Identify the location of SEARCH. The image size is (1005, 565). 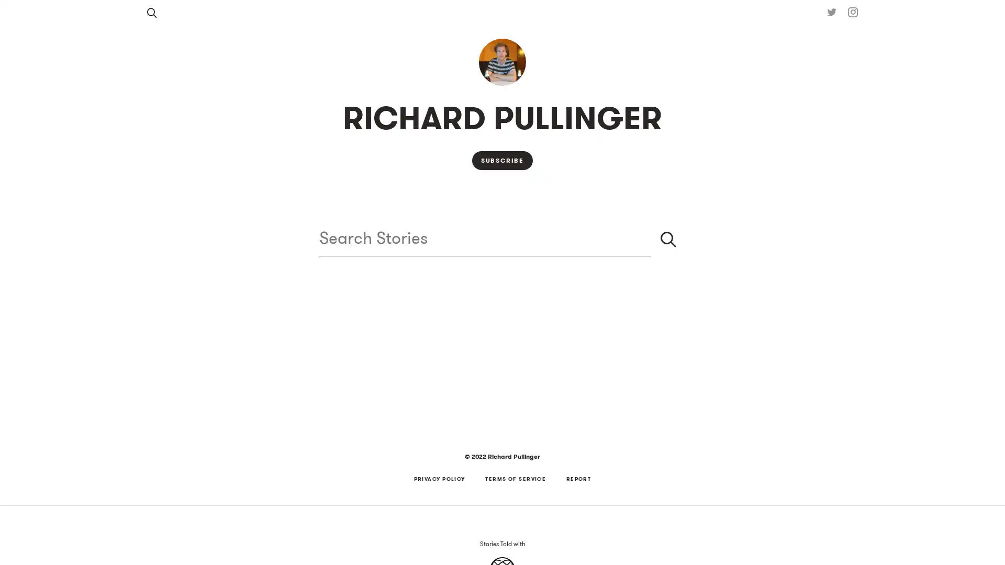
(667, 239).